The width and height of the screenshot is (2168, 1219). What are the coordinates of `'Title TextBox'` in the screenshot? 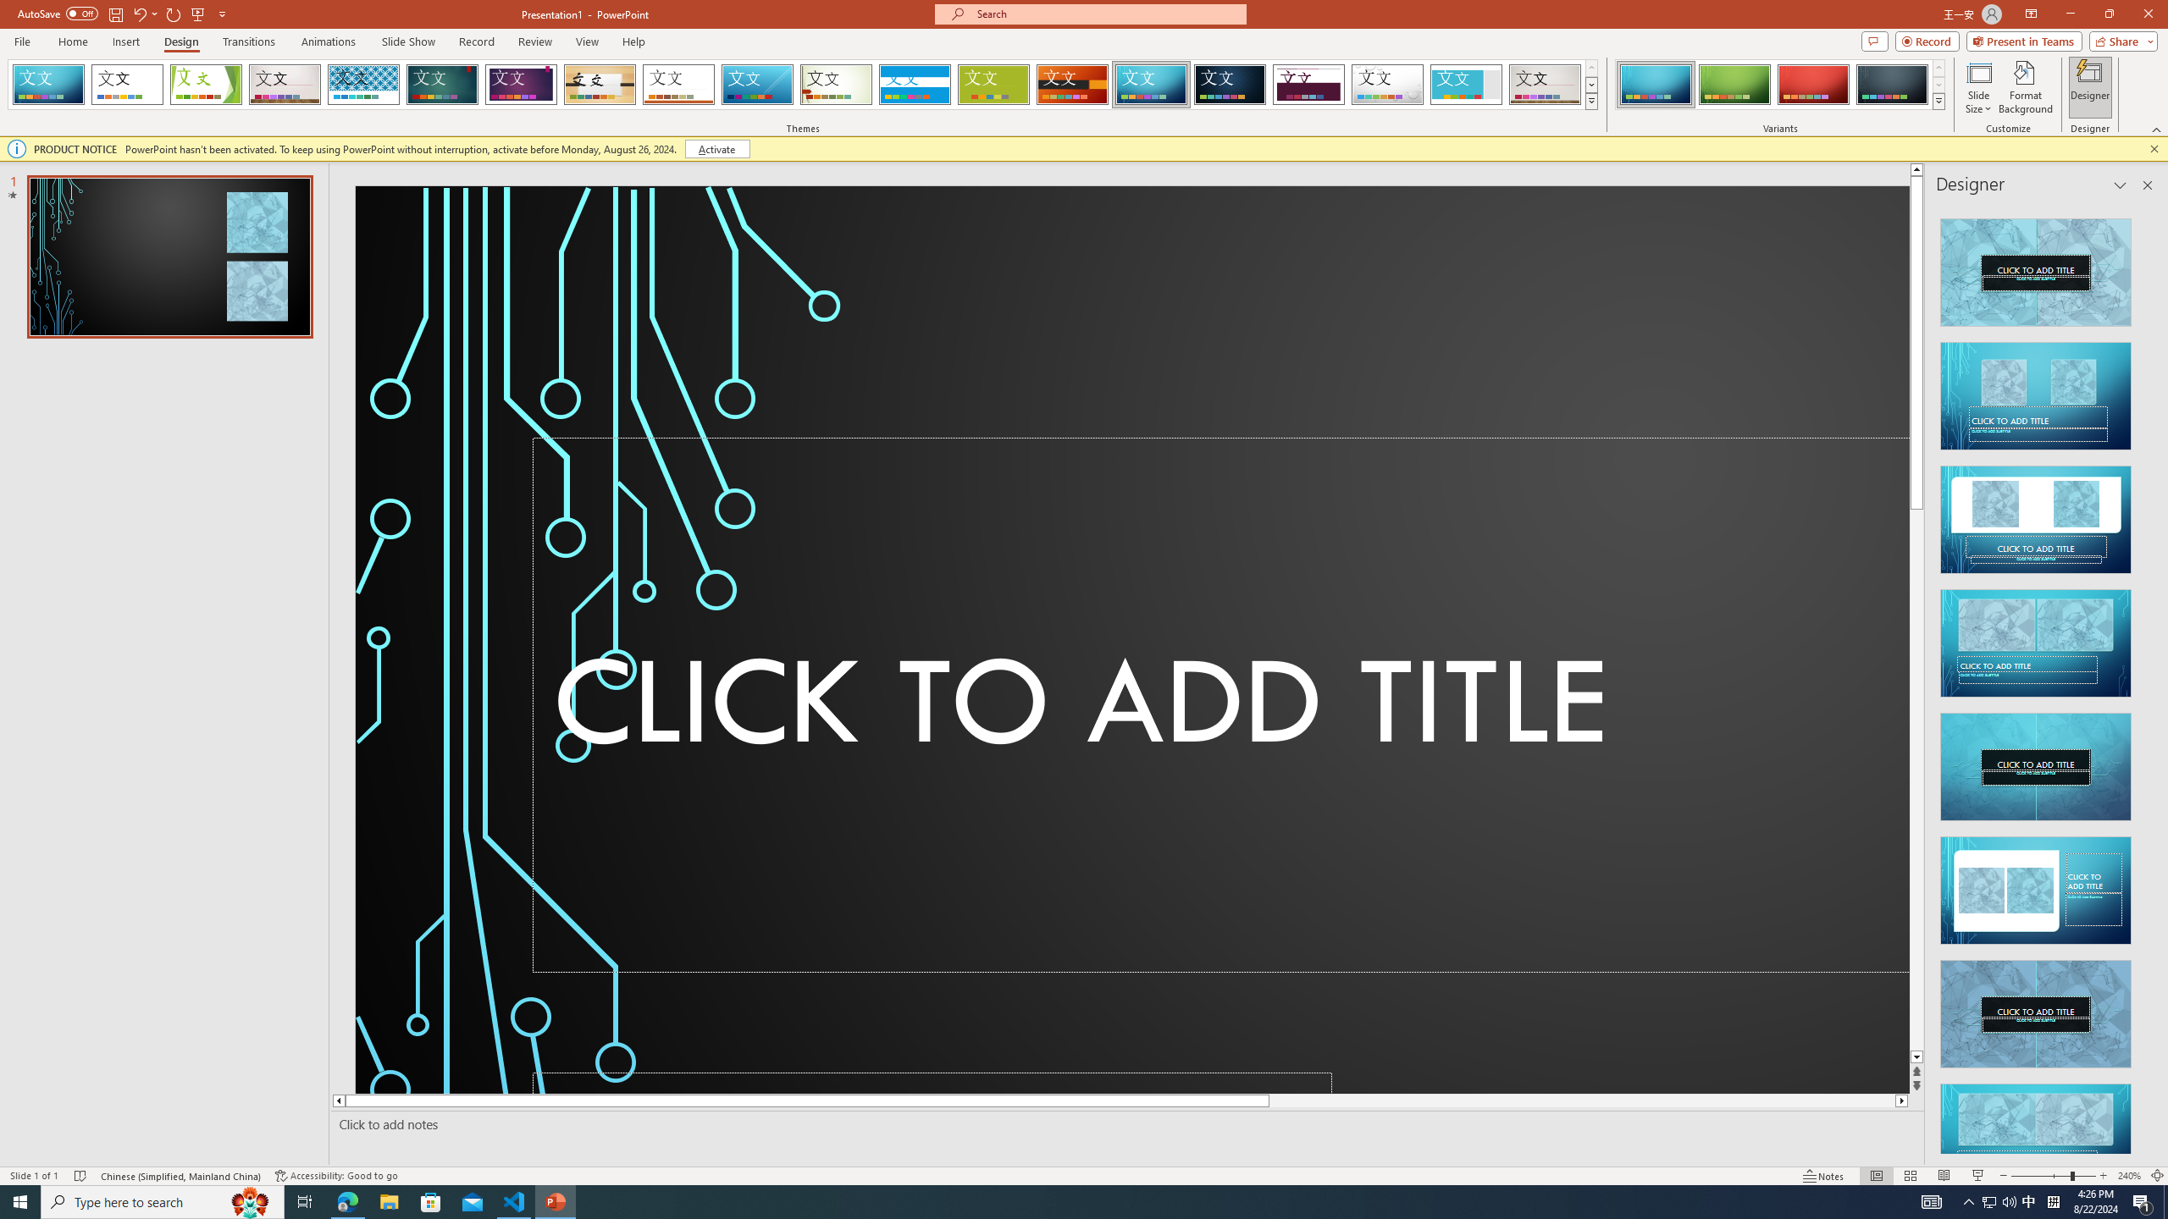 It's located at (1221, 704).